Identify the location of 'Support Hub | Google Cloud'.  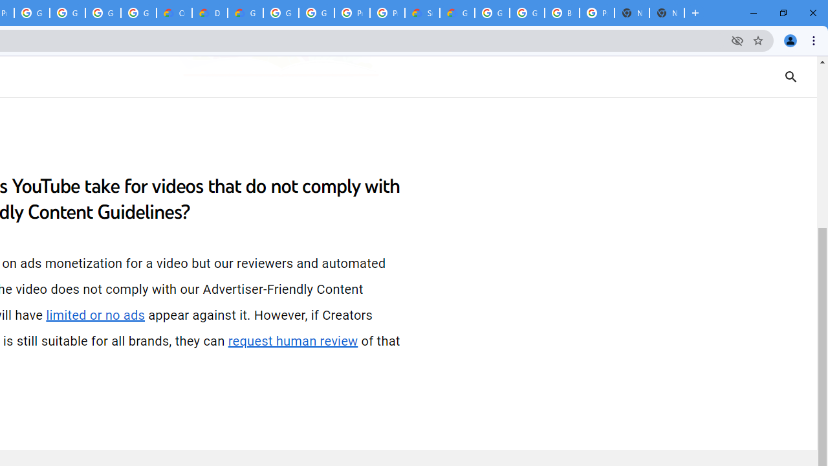
(422, 13).